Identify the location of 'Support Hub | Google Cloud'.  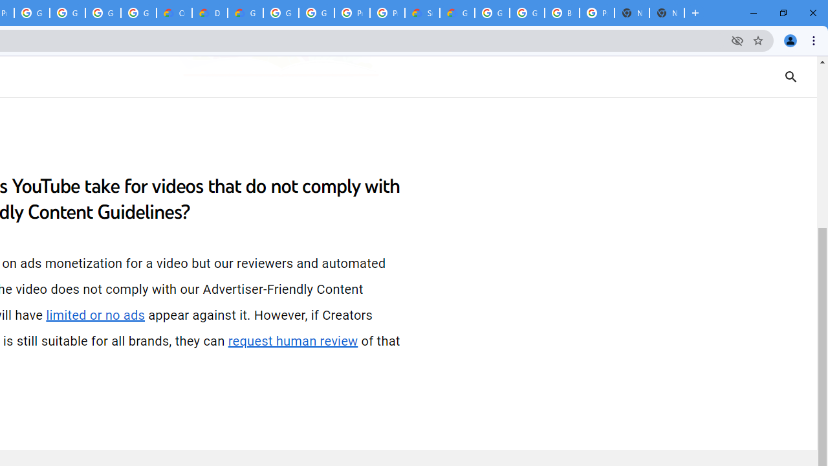
(422, 13).